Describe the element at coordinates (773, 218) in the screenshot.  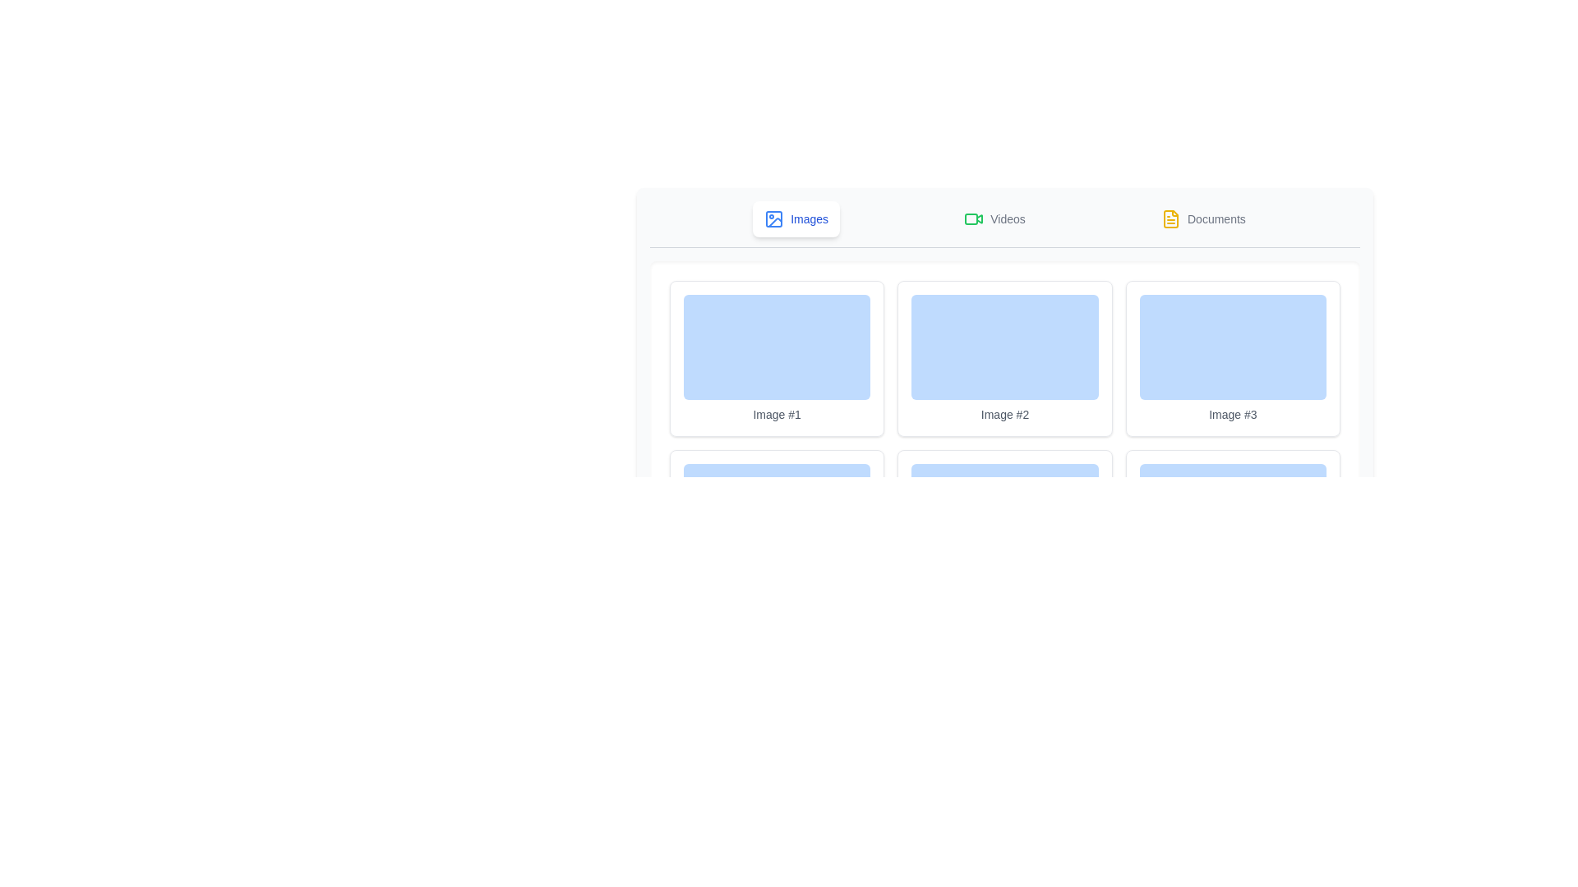
I see `the image icon with a blue outline representing the 'Images' tab, located at the top-left section of the interface` at that location.